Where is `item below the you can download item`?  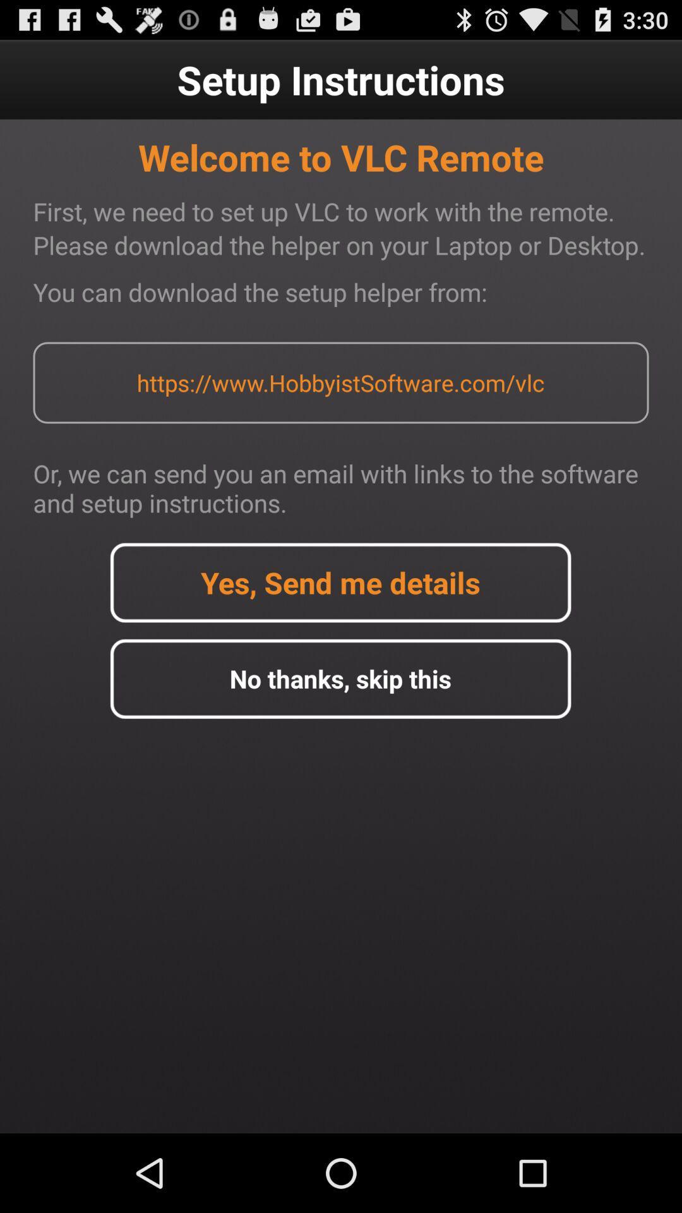 item below the you can download item is located at coordinates (340, 382).